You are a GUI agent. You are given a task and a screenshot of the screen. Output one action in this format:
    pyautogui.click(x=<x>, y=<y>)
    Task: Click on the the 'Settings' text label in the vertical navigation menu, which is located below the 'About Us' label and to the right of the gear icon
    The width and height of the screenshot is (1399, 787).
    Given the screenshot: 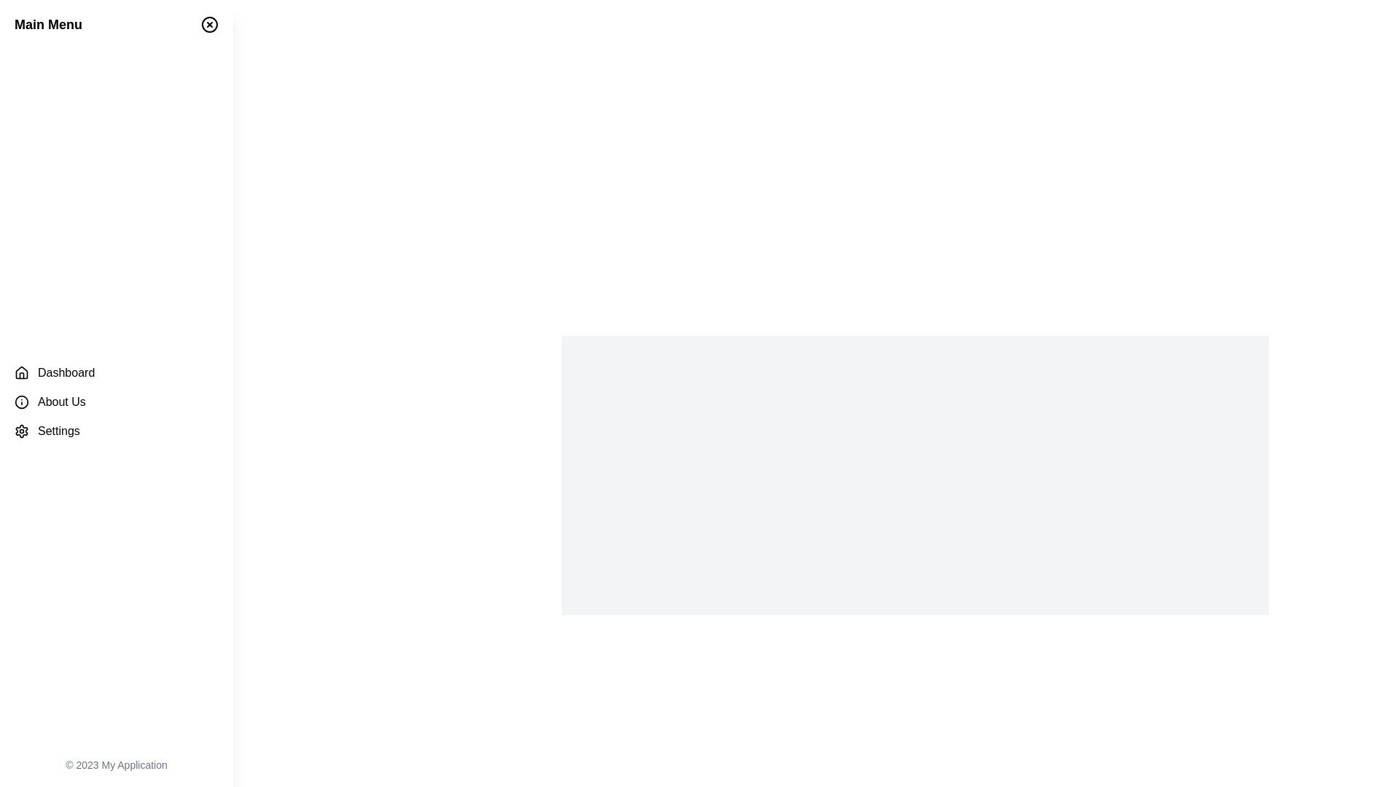 What is the action you would take?
    pyautogui.click(x=58, y=430)
    